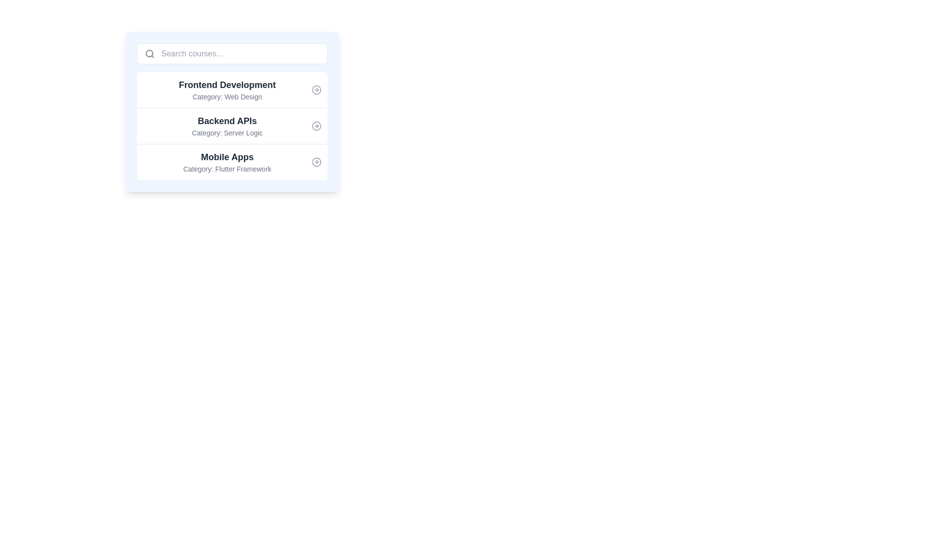  Describe the element at coordinates (232, 161) in the screenshot. I see `the 'Mobile Apps' button, which is the third item in the vertically stacked list under 'Flutter Framework'` at that location.